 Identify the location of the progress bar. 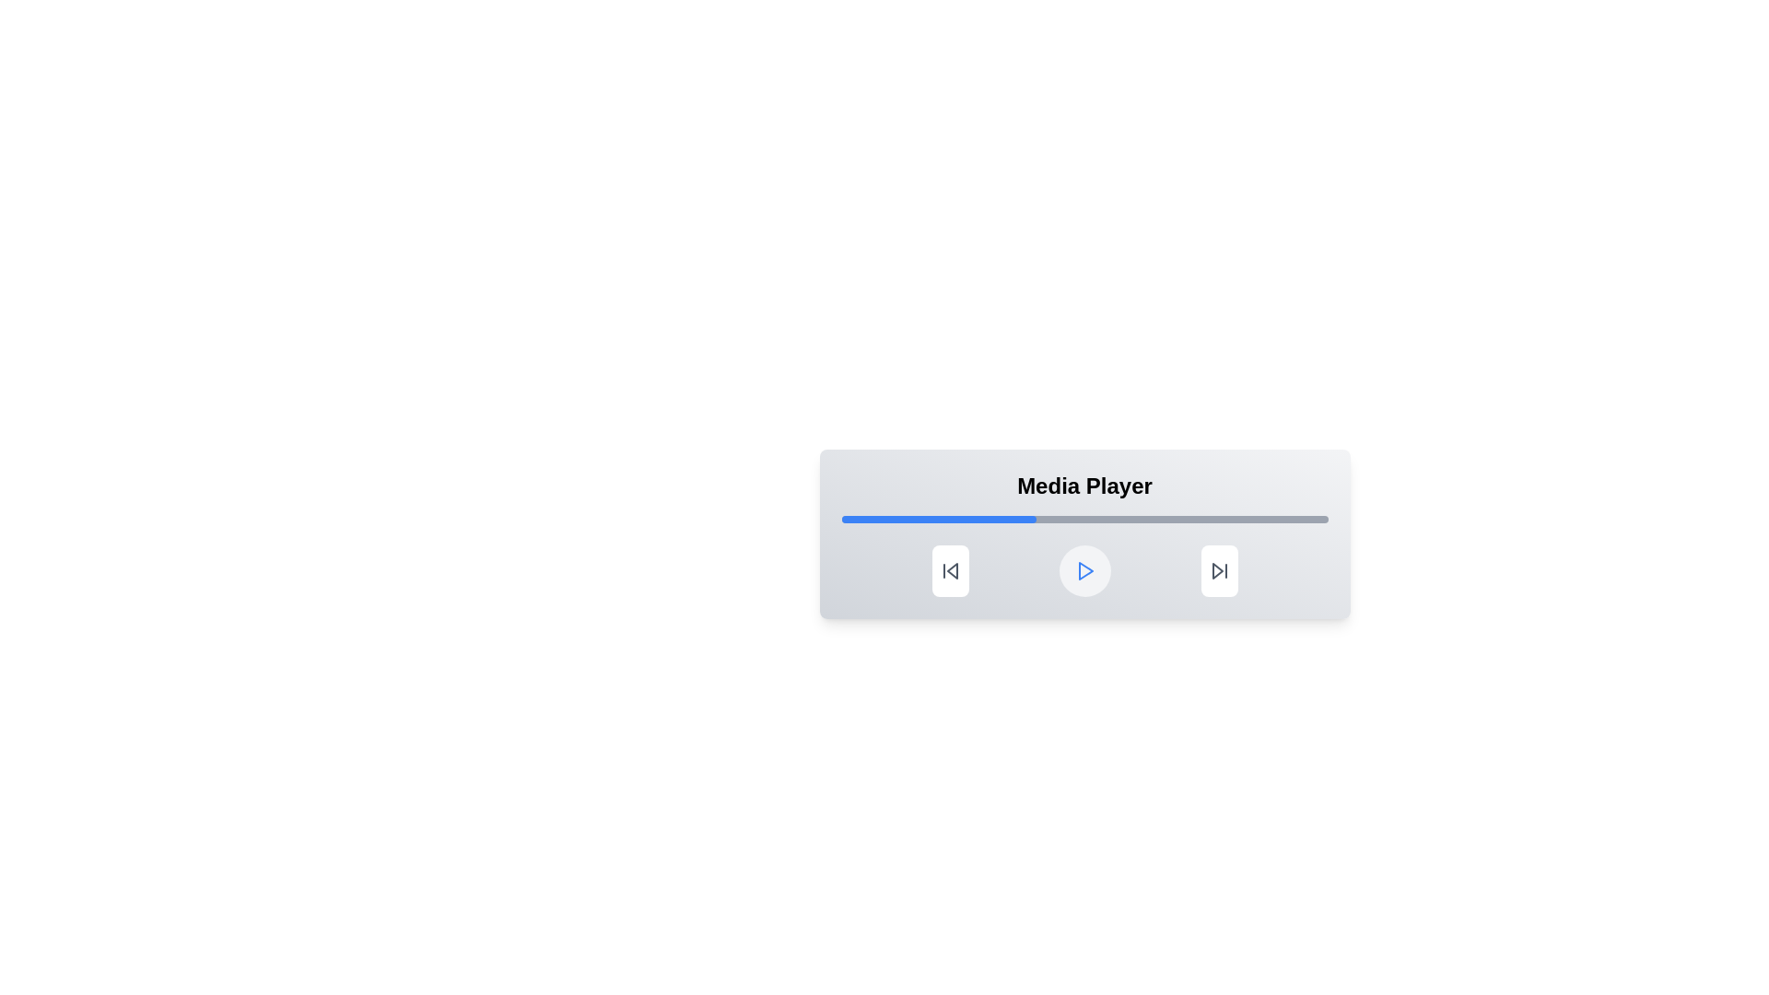
(1240, 519).